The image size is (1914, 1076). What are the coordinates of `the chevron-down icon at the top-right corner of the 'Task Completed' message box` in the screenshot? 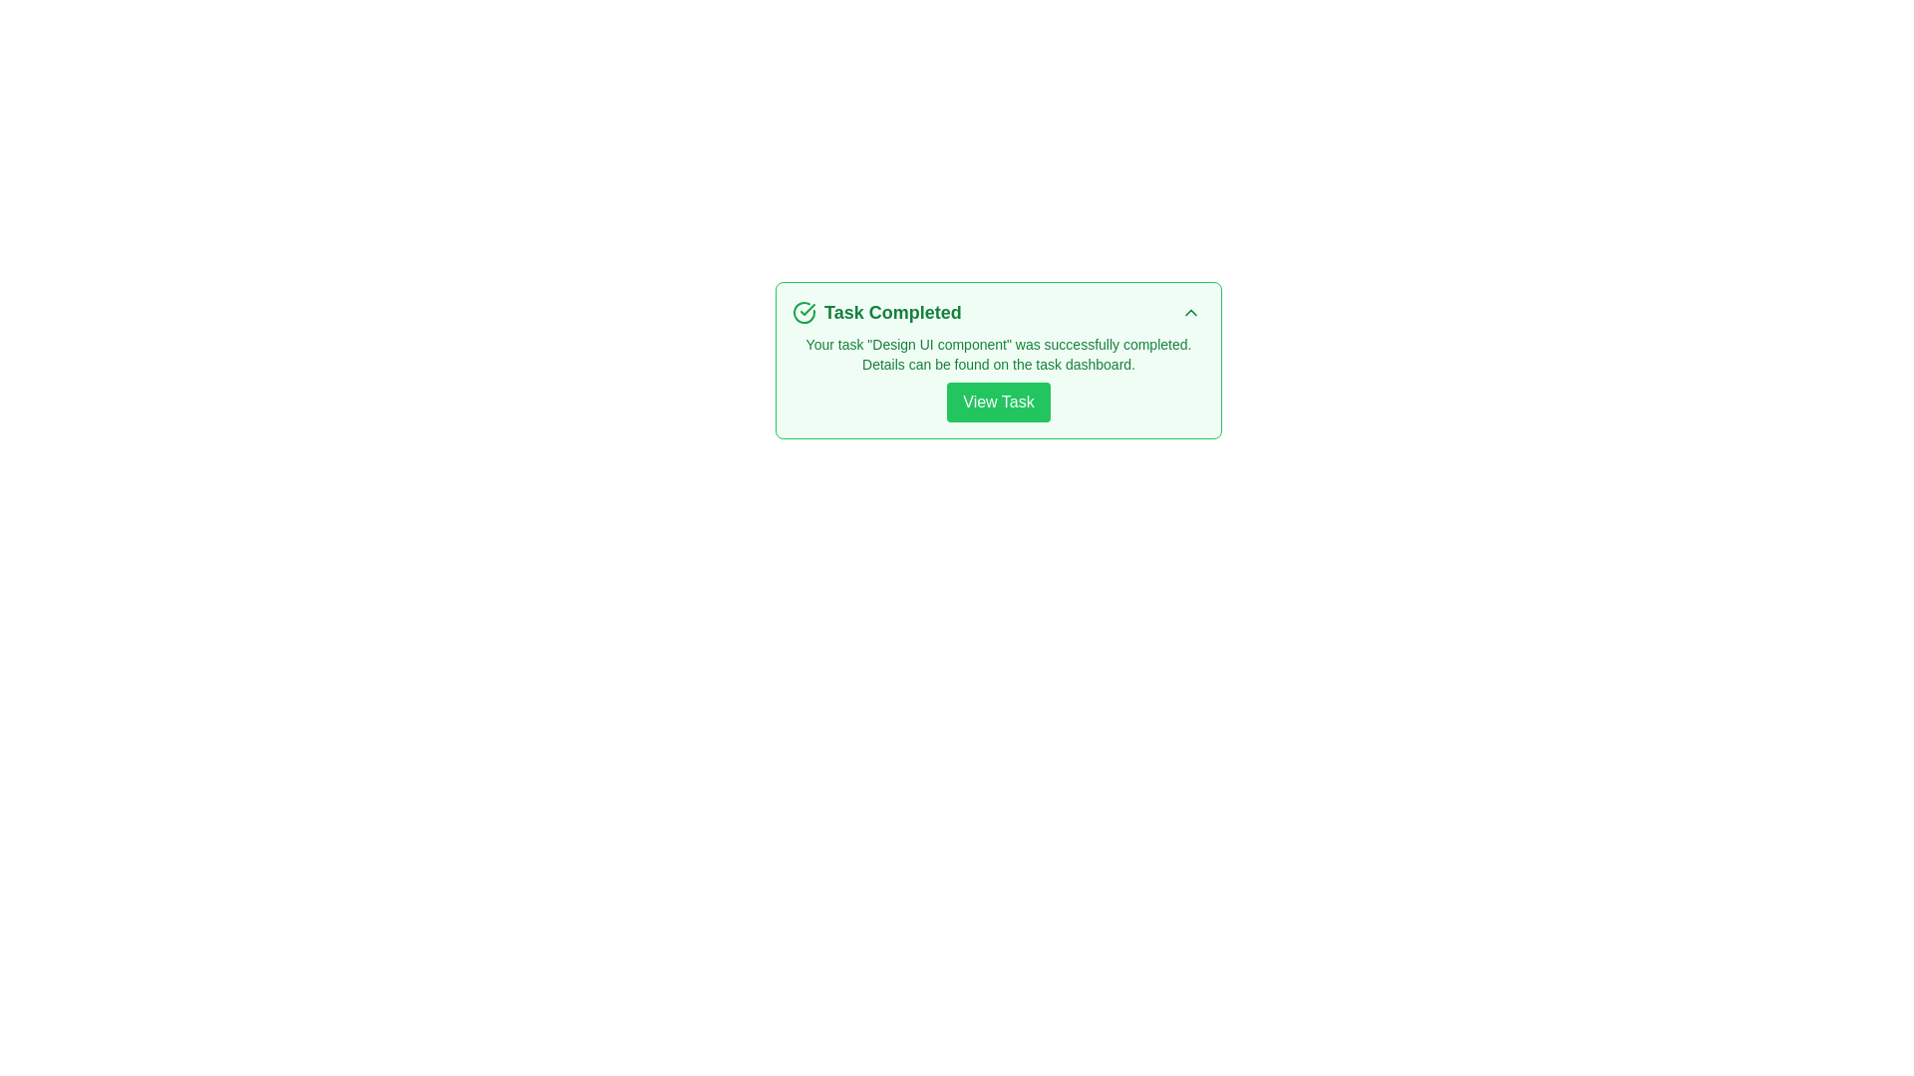 It's located at (1191, 312).